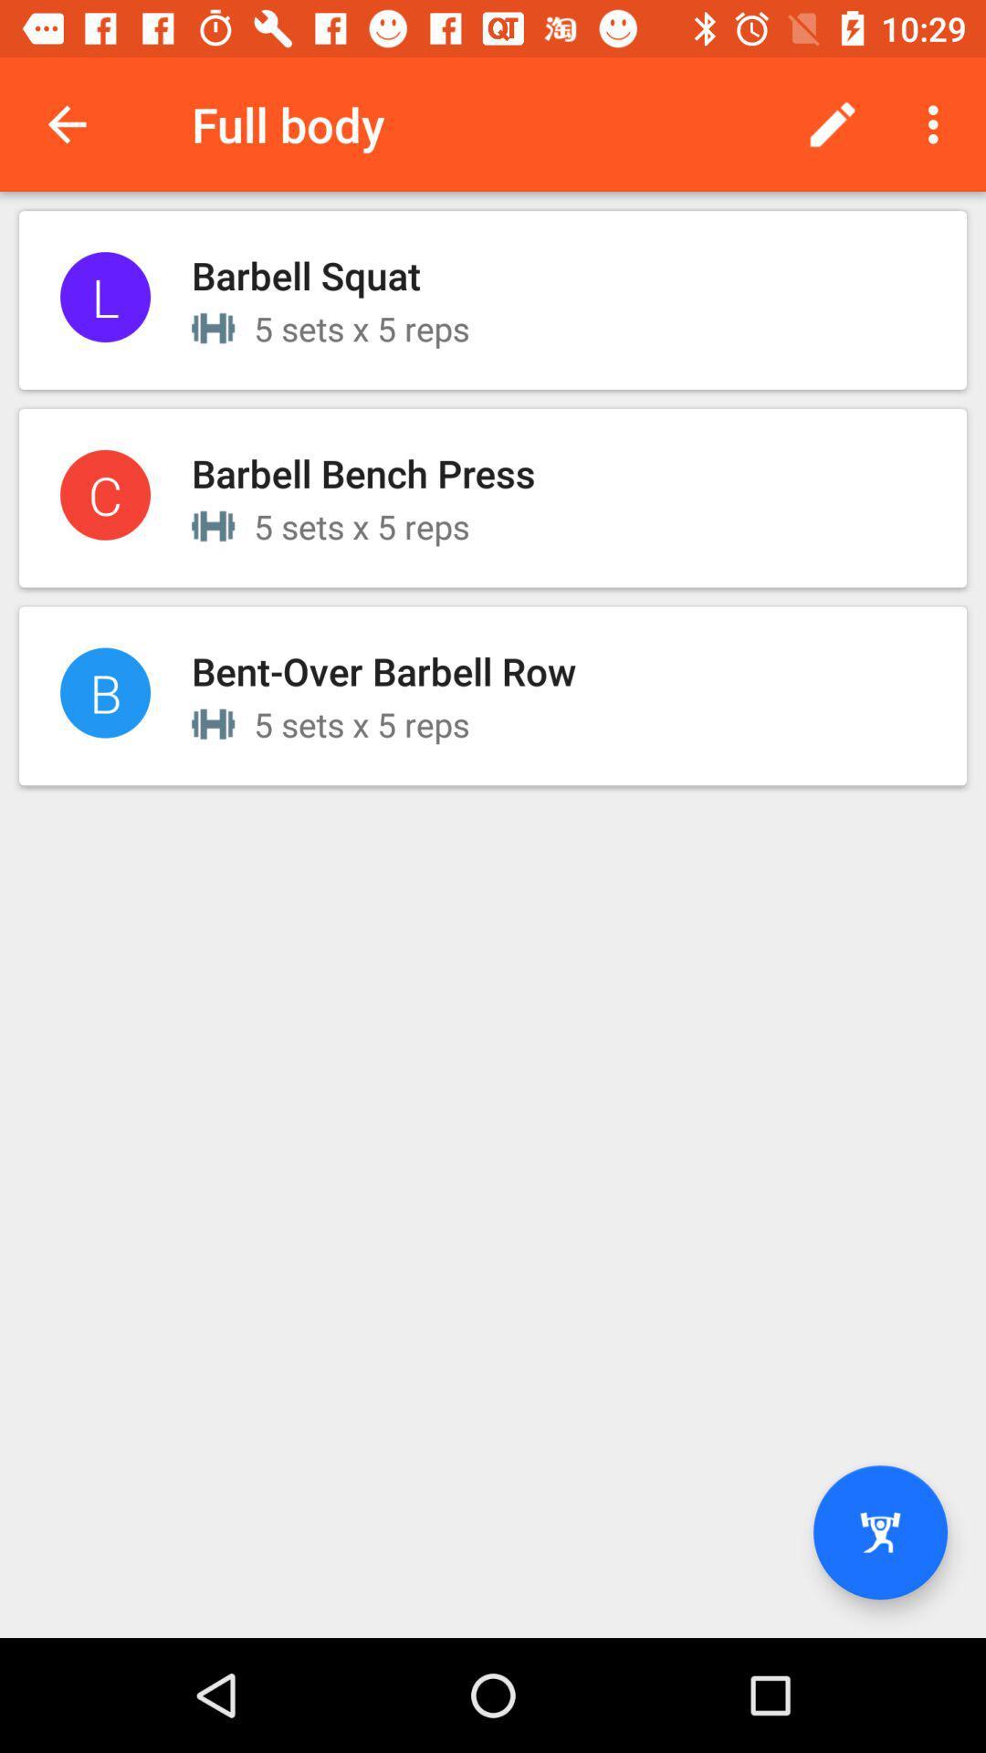 This screenshot has height=1753, width=986. I want to click on item above the l item, so click(66, 123).